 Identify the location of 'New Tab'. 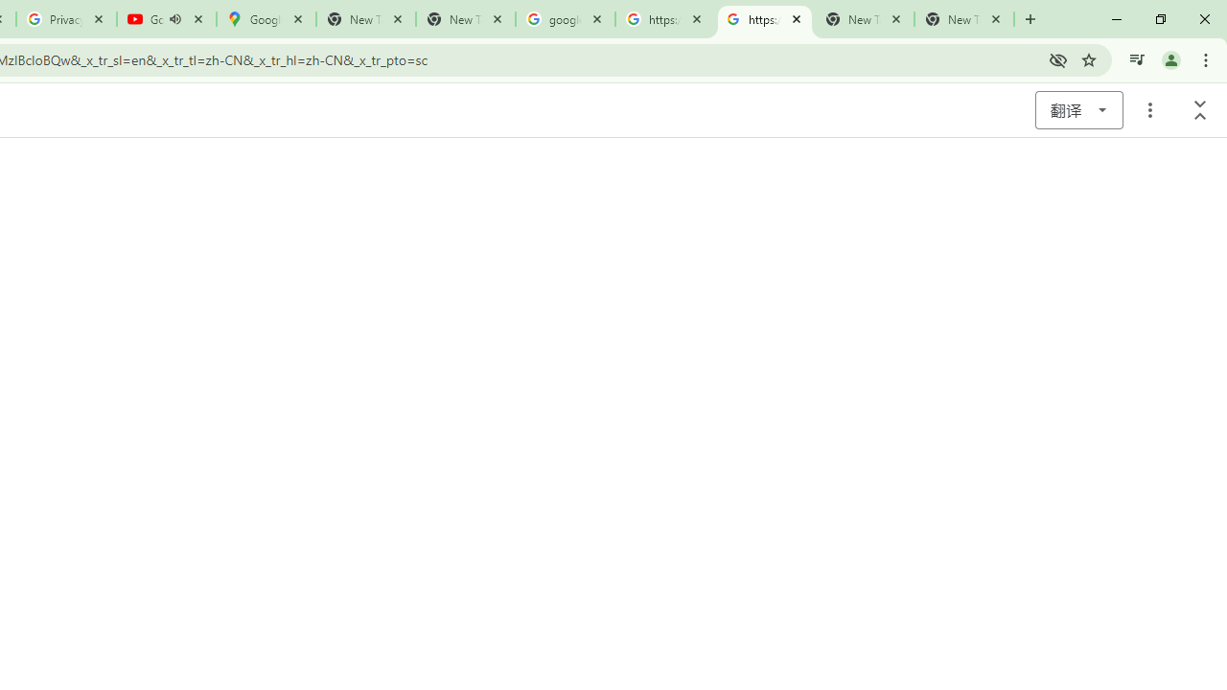
(964, 19).